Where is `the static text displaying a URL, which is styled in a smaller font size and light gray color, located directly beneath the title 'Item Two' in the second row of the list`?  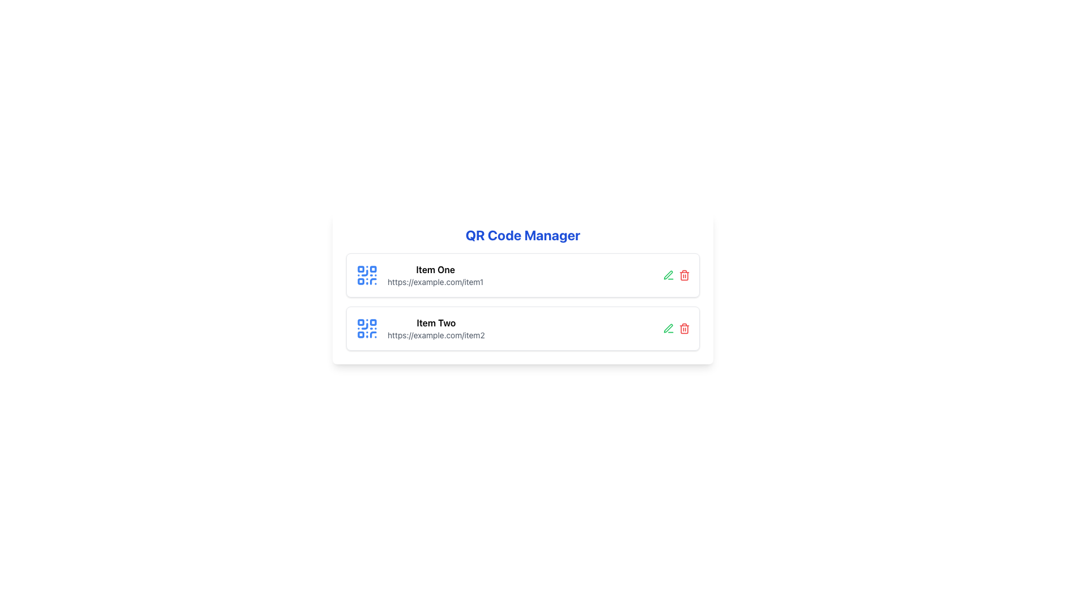 the static text displaying a URL, which is styled in a smaller font size and light gray color, located directly beneath the title 'Item Two' in the second row of the list is located at coordinates (435, 334).